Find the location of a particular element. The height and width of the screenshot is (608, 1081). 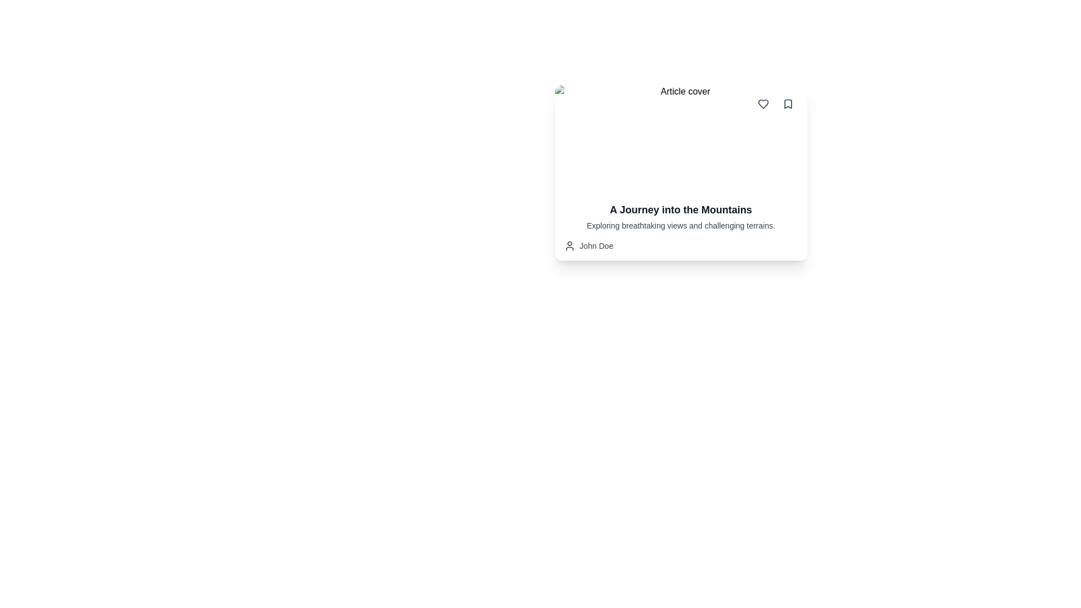

the heart-shaped SVG icon located at the top right of the interactive panel for 'A Journey into the Mountains' to express preference is located at coordinates (763, 104).